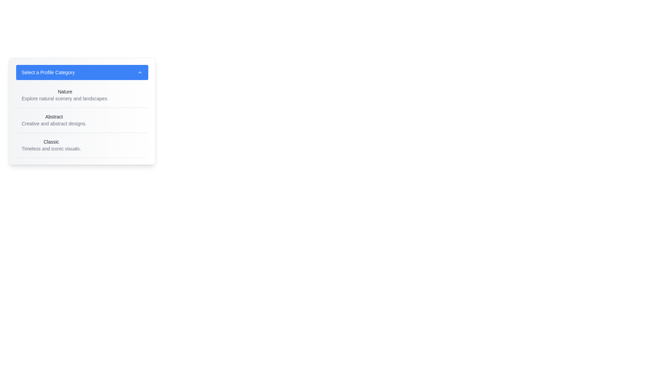 Image resolution: width=659 pixels, height=371 pixels. I want to click on the first selectable option in the list under the 'Select a Profile Category' dropdown to choose a category related to nature and landscapes, so click(82, 95).